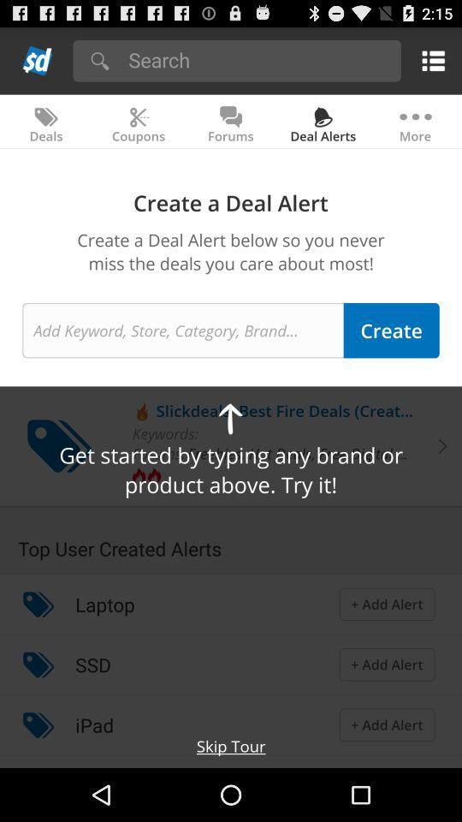 This screenshot has width=462, height=822. I want to click on the icon to the left of the ssd icon, so click(38, 664).